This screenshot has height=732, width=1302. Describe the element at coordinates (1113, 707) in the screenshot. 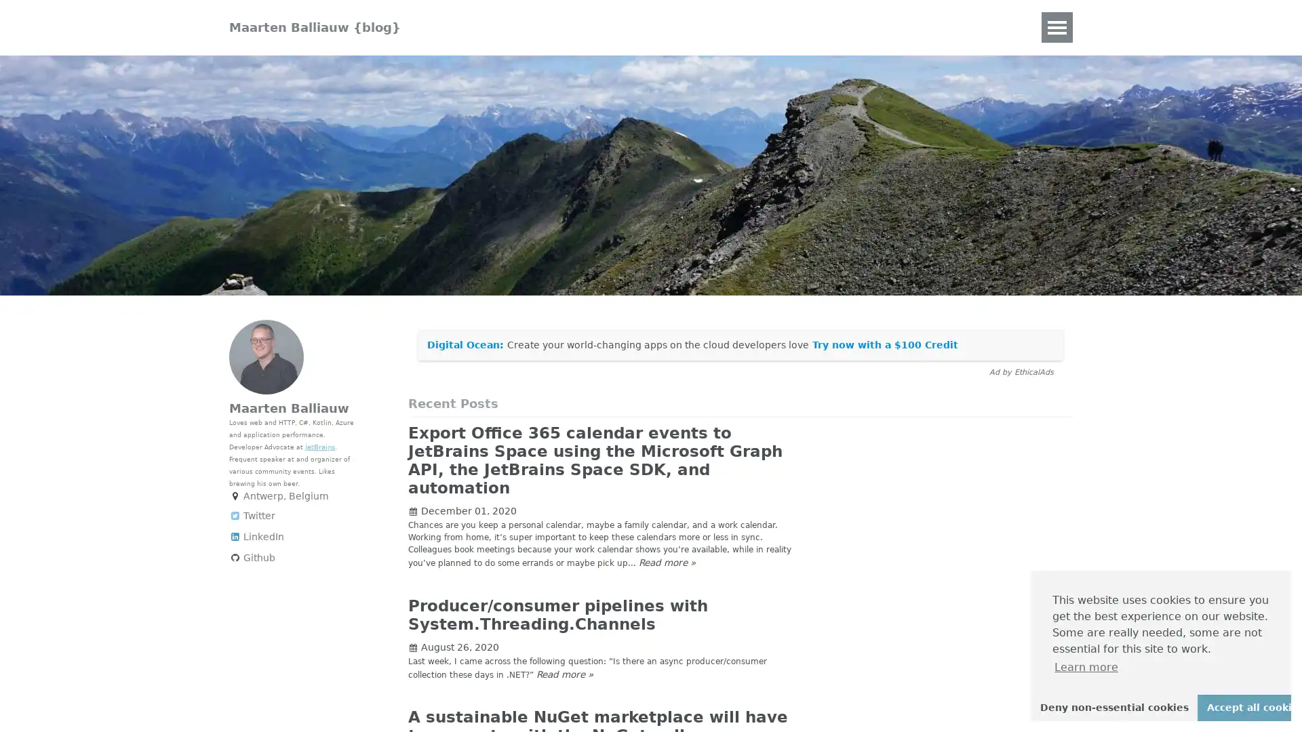

I see `deny cookies` at that location.